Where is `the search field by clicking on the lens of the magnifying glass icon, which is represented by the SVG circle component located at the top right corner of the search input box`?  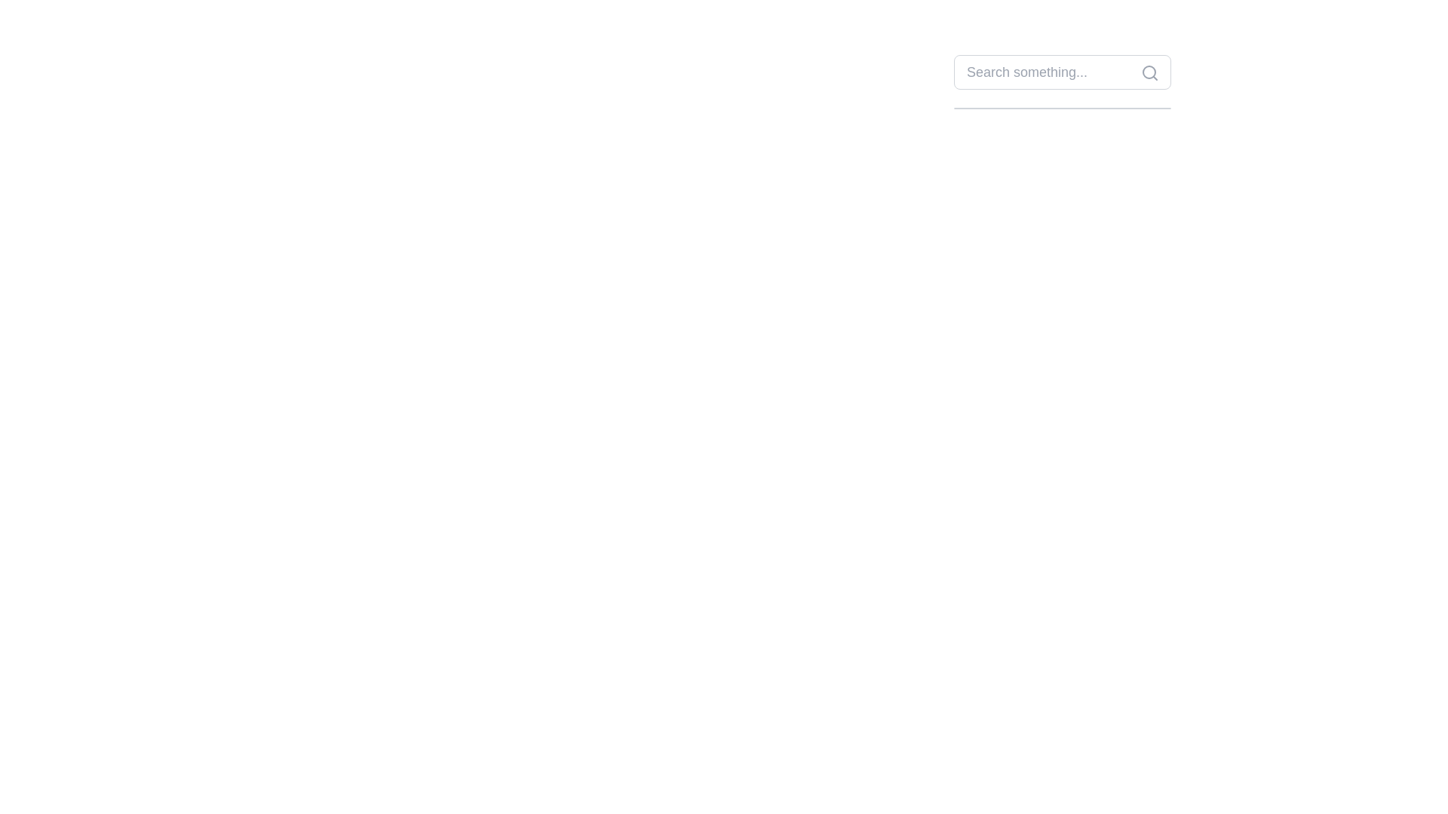 the search field by clicking on the lens of the magnifying glass icon, which is represented by the SVG circle component located at the top right corner of the search input box is located at coordinates (1148, 72).